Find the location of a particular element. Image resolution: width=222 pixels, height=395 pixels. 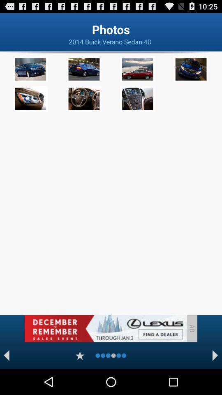

open advertisement is located at coordinates (105, 328).